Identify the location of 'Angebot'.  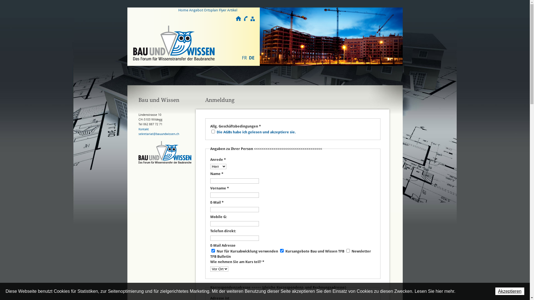
(196, 10).